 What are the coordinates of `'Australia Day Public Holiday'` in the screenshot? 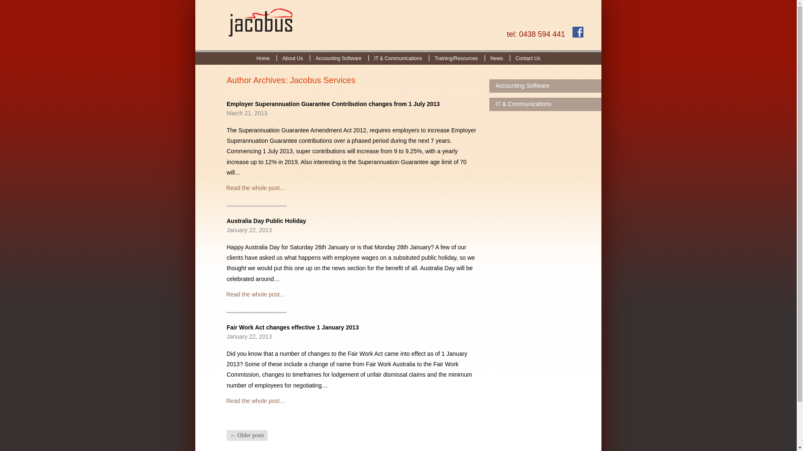 It's located at (266, 220).